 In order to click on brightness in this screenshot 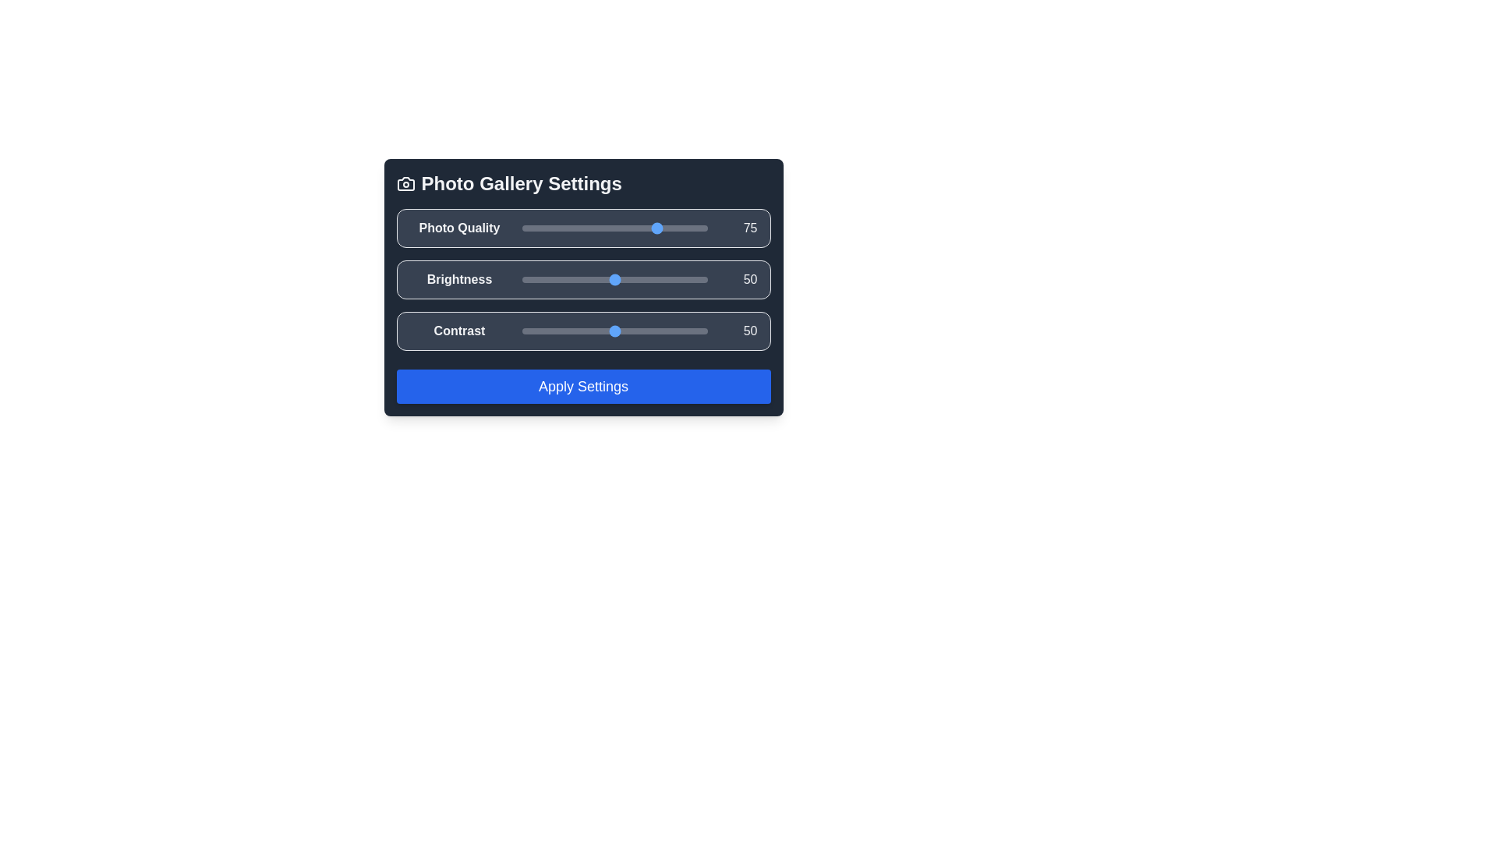, I will do `click(575, 278)`.